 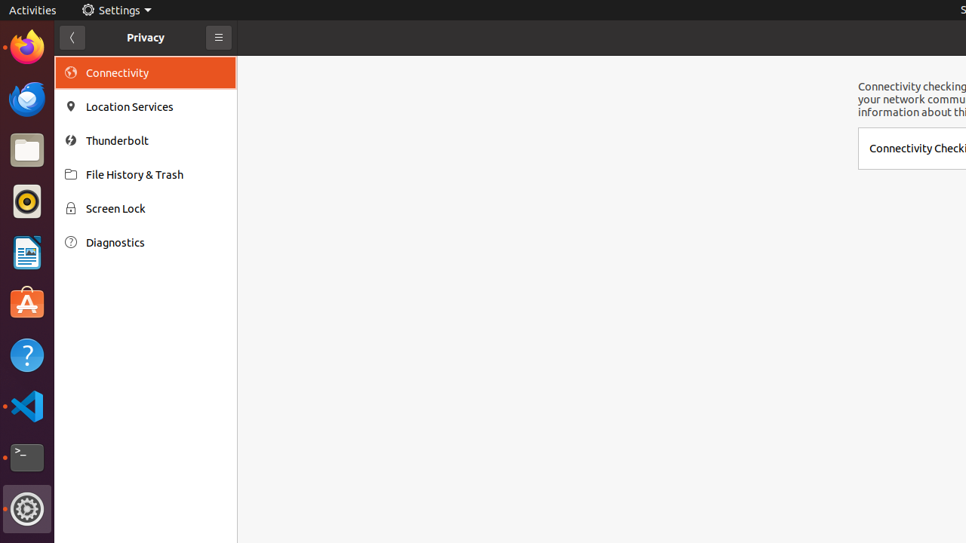 What do you see at coordinates (26, 457) in the screenshot?
I see `'Terminal'` at bounding box center [26, 457].